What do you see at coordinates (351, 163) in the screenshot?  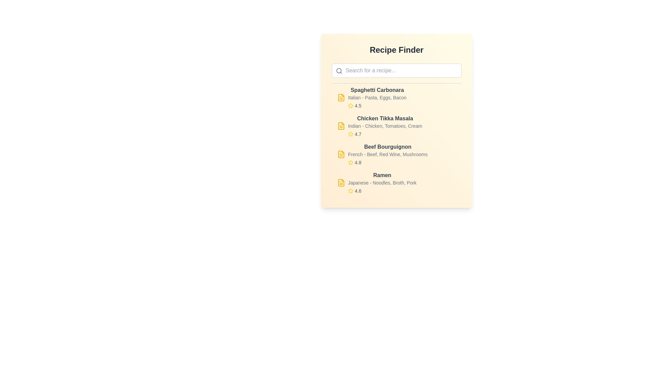 I see `the star icon representing the rating for the recipe 'Beef Bourguignon', which is visually indicating a rating of '4.8'` at bounding box center [351, 163].